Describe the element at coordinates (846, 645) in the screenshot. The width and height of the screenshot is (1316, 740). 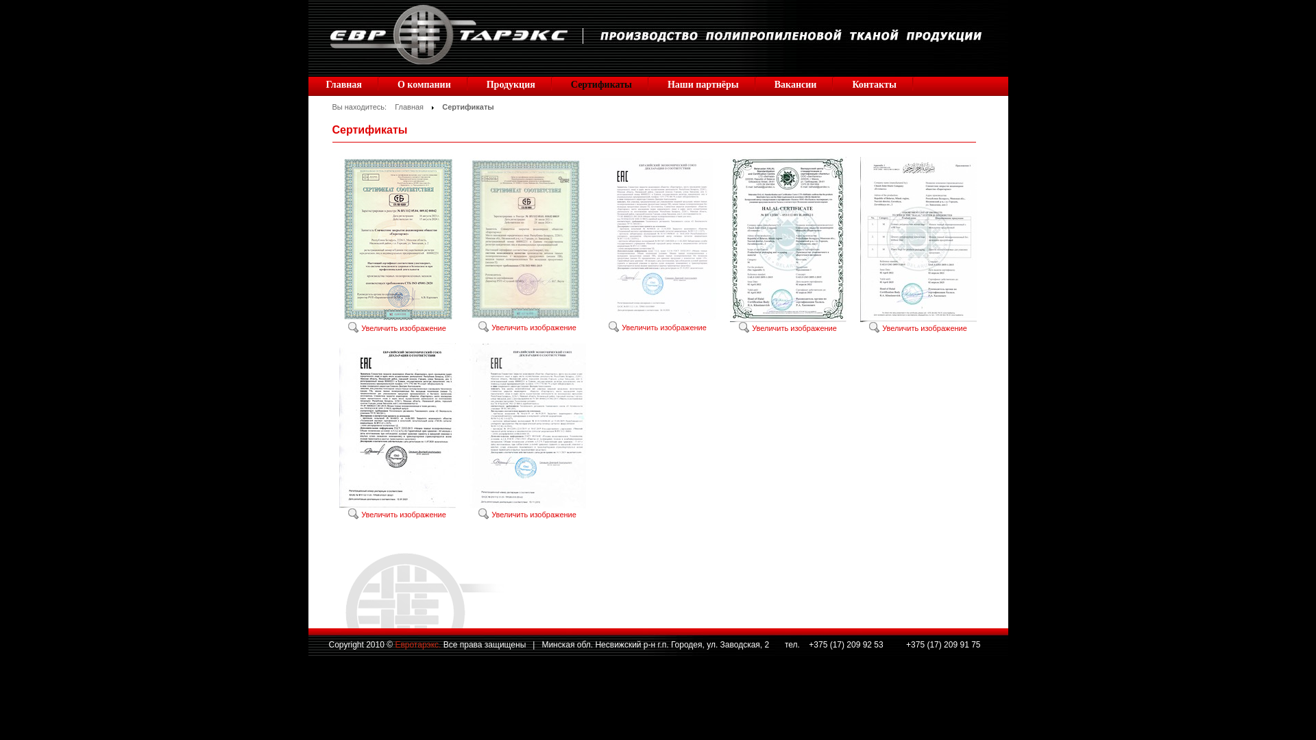
I see `'+375 (17) 209 92 53'` at that location.